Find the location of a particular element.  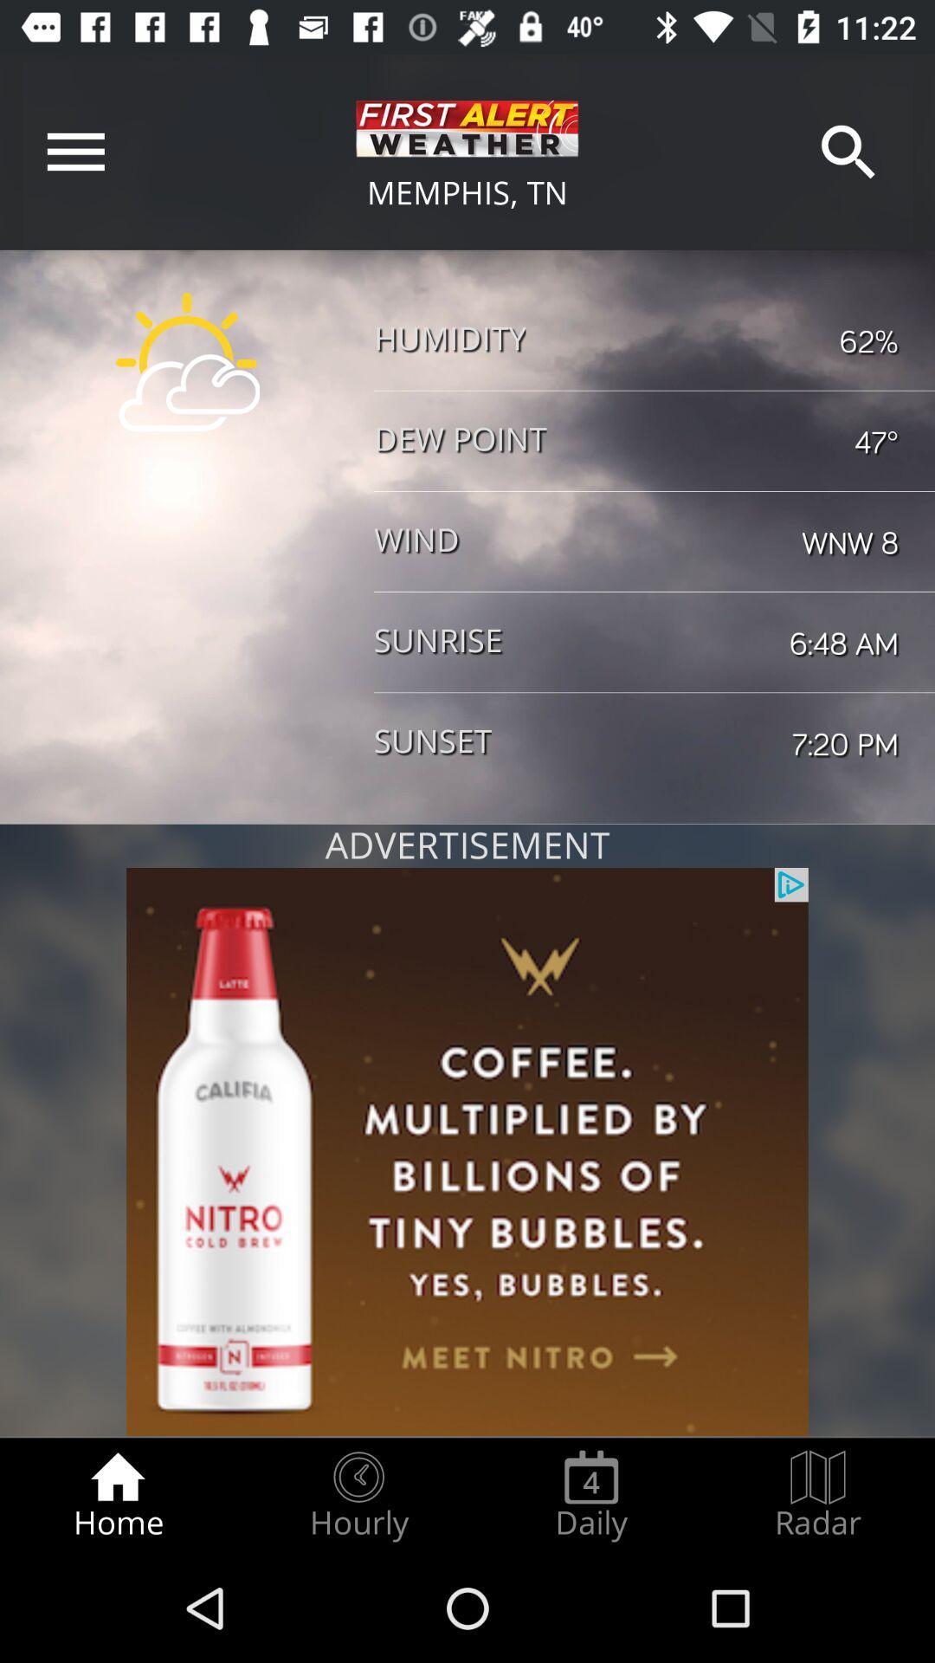

item next to daily item is located at coordinates (358, 1495).